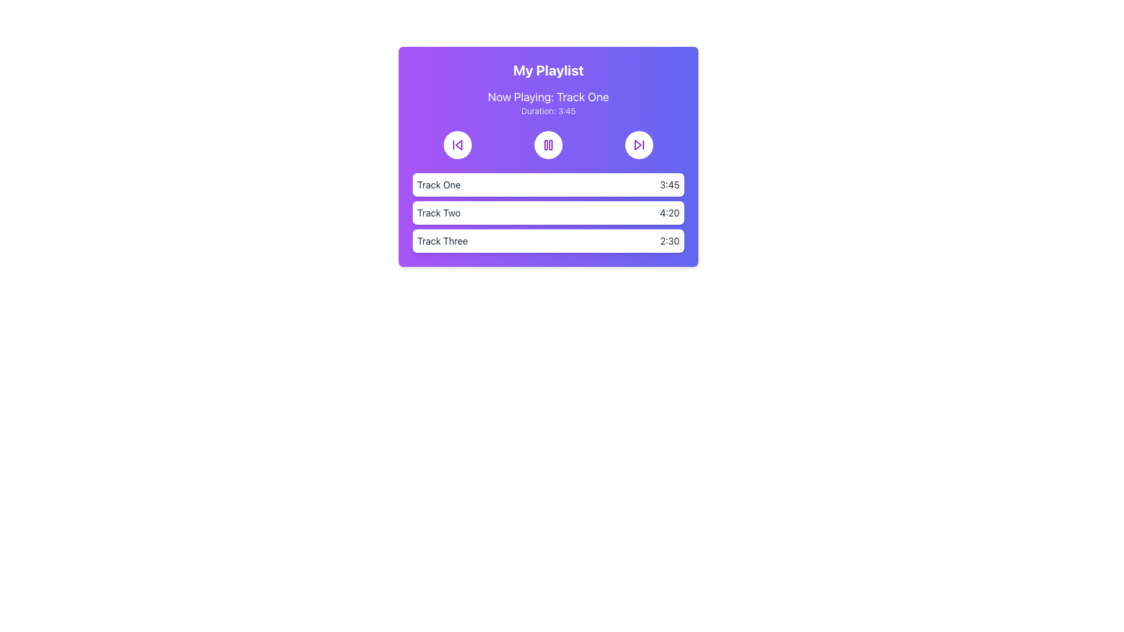 This screenshot has width=1124, height=632. Describe the element at coordinates (438, 212) in the screenshot. I see `the text label displaying the name of a track in the second row of the playlist interface, which is positioned to the left of the time duration '4:20'` at that location.